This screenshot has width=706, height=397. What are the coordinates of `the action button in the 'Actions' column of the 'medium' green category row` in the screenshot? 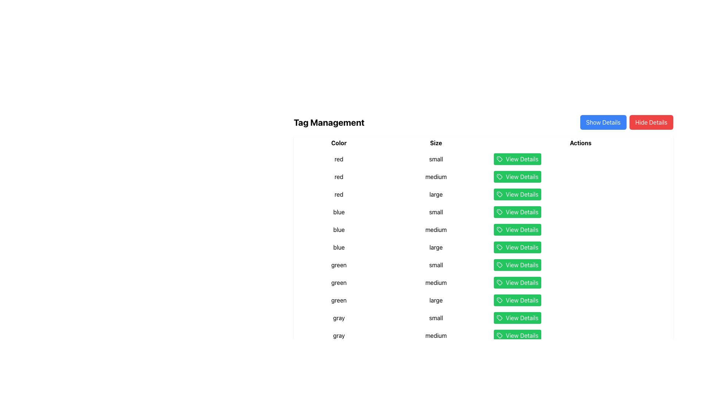 It's located at (484, 282).